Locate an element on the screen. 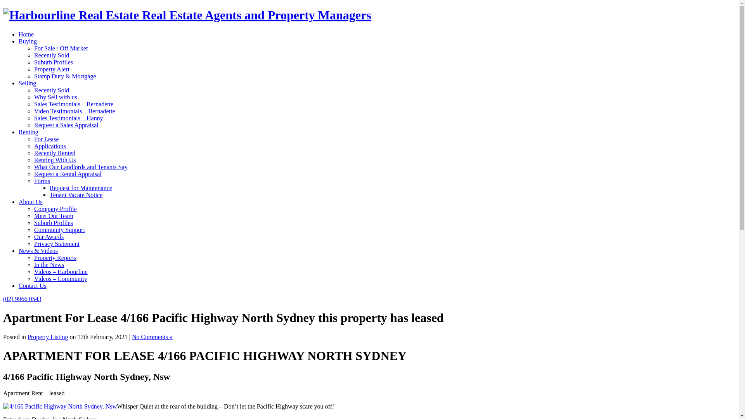 This screenshot has width=745, height=419. 'Recently Sold' is located at coordinates (51, 55).